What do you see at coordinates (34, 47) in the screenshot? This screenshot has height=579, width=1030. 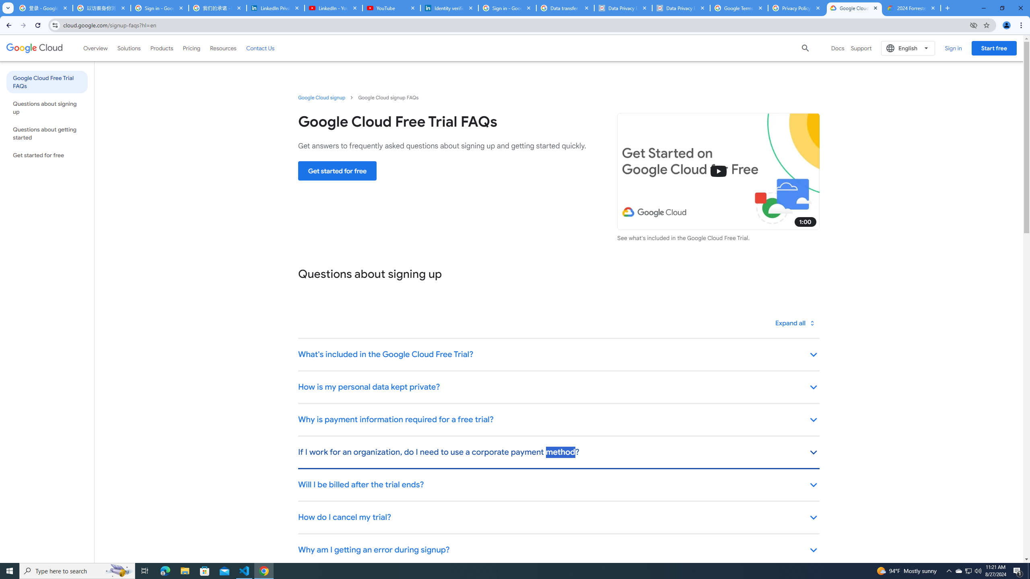 I see `'Google Cloud'` at bounding box center [34, 47].